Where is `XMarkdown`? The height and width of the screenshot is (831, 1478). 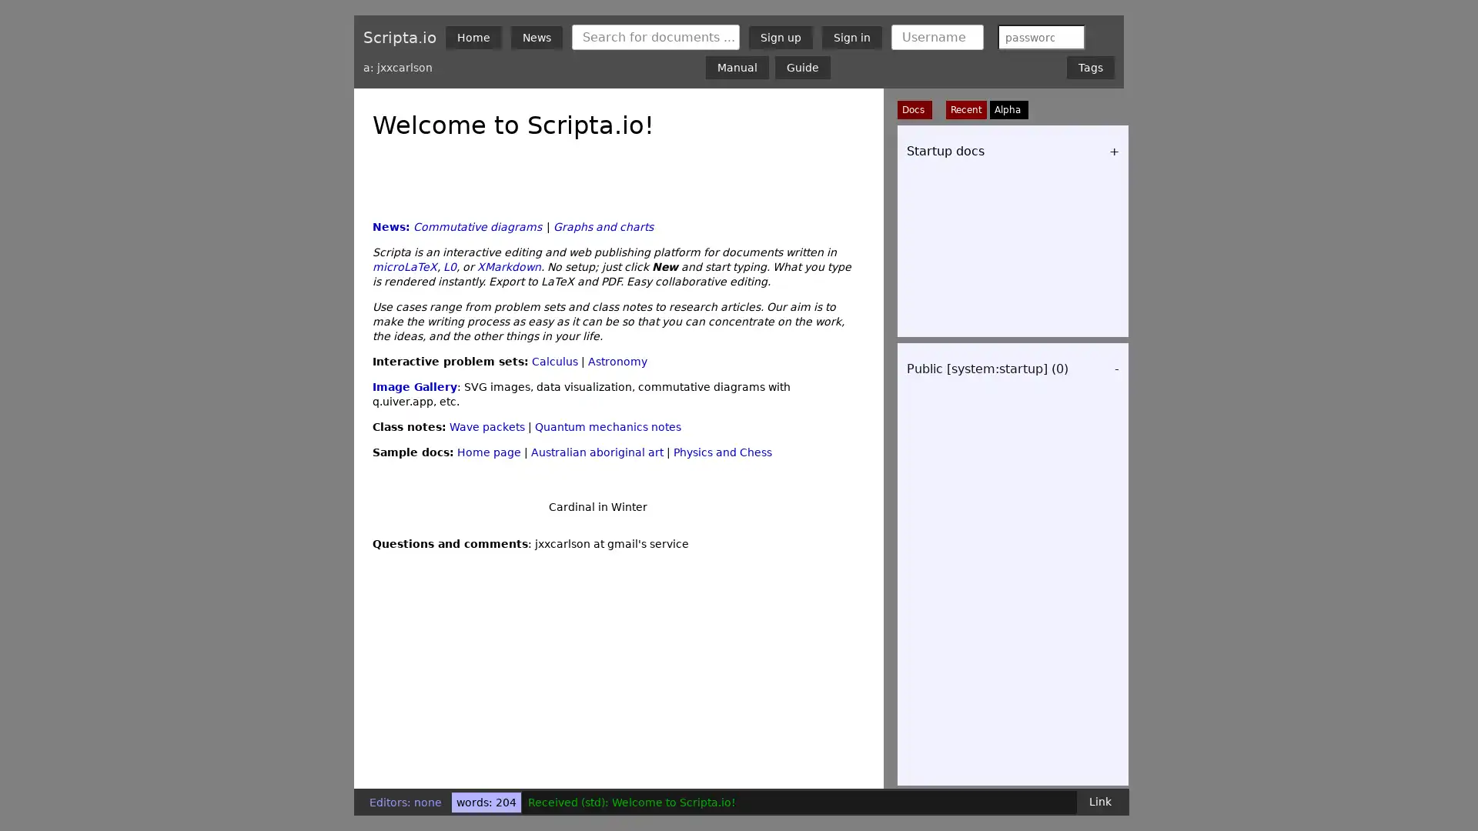
XMarkdown is located at coordinates (509, 385).